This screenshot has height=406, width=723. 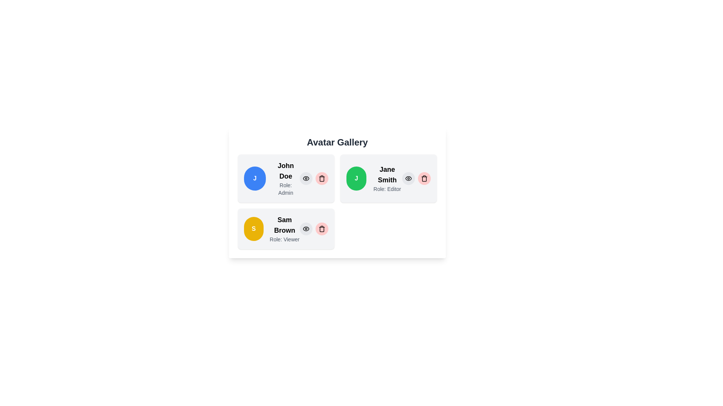 I want to click on the green circular avatar with the white uppercase letter 'J' that is located to the left of the text 'Jane Smith' and above the role description 'Role: Editor', so click(x=356, y=178).